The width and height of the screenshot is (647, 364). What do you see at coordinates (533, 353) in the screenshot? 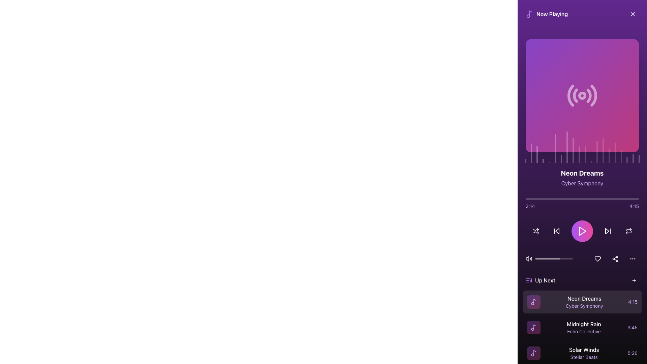
I see `the audio Icon representing the song 'Solar Winds' by 'Stellar Beats' at the front of the last list item in the 'Up Next' section` at bounding box center [533, 353].